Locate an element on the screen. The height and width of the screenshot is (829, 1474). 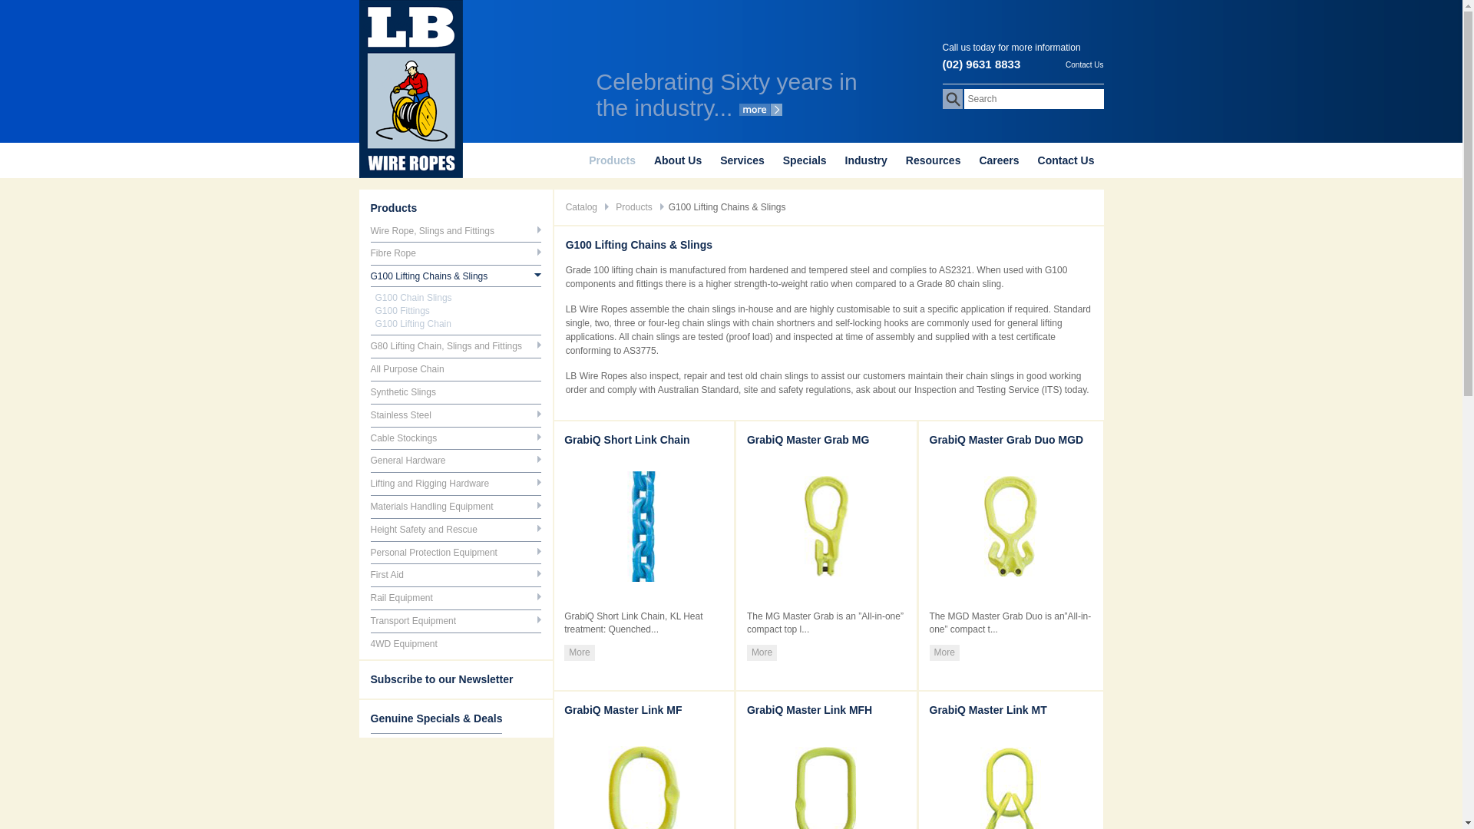
'More' is located at coordinates (578, 652).